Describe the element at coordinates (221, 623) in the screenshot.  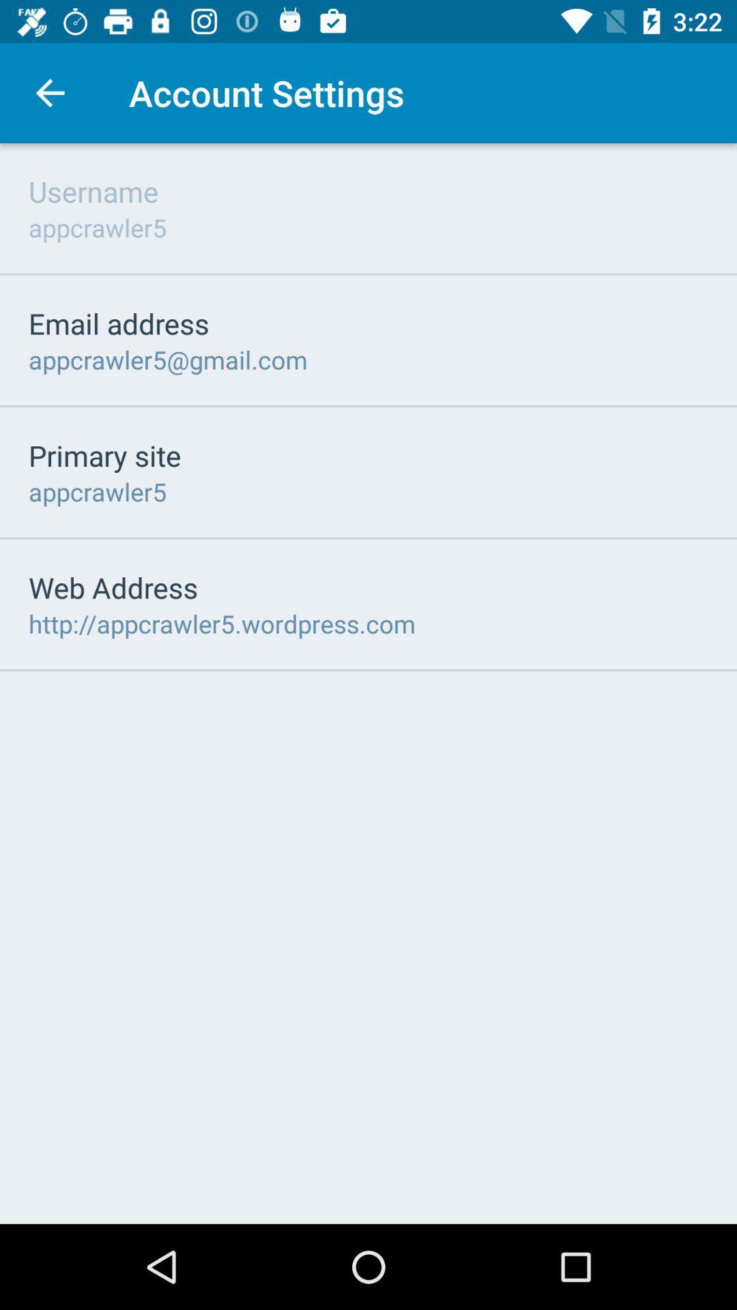
I see `the http appcrawler5 wordpress item` at that location.